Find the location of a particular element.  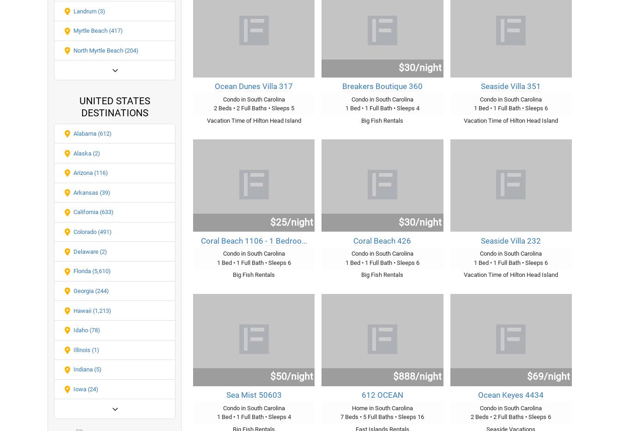

'Testimonials' is located at coordinates (127, 32).